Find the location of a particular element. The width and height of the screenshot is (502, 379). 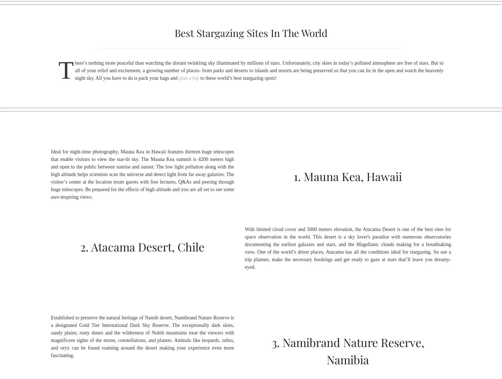

'1. Mauna Kea, Hawaii' is located at coordinates (348, 176).